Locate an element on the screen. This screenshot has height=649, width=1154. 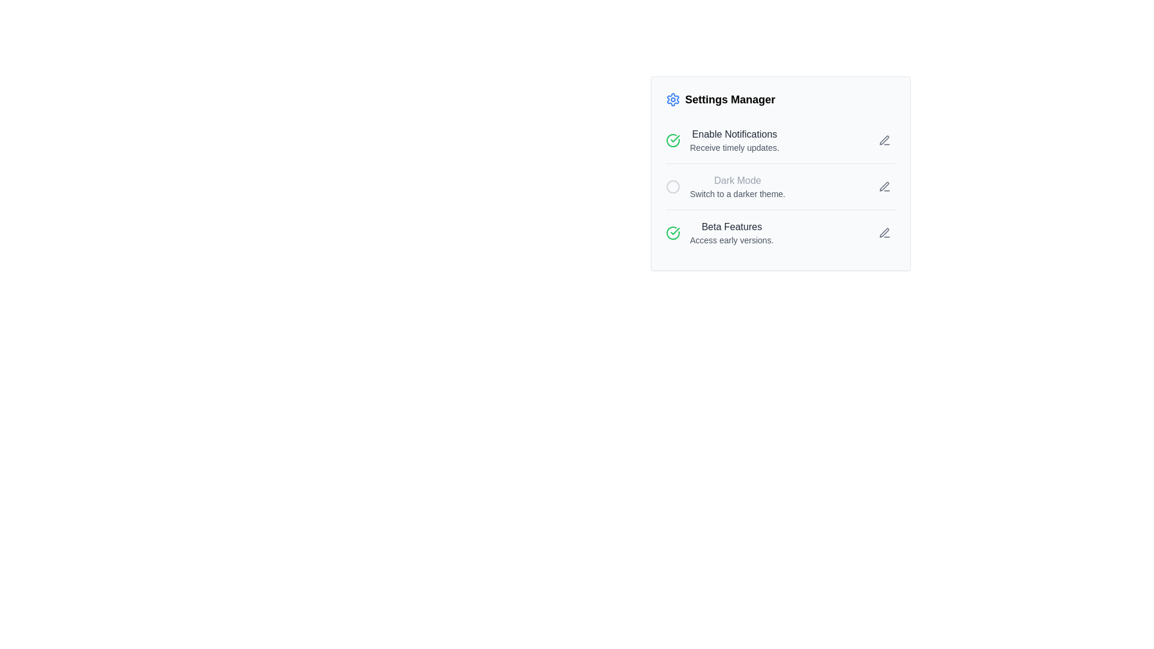
the 'Enable Notifications' static text element located in the 'Settings Manager' section, which is displayed in a medium-sized, bold dark gray font and is visually distinct from the text below it is located at coordinates (734, 134).